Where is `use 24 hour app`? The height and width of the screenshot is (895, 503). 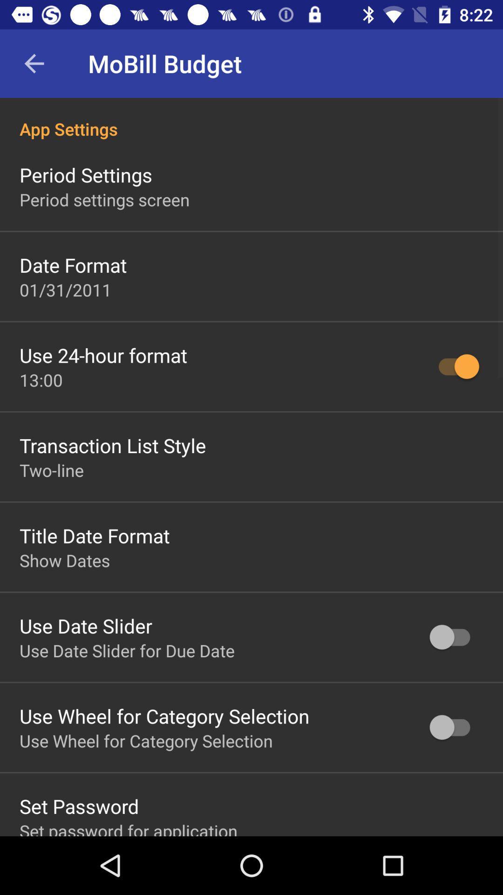 use 24 hour app is located at coordinates (103, 355).